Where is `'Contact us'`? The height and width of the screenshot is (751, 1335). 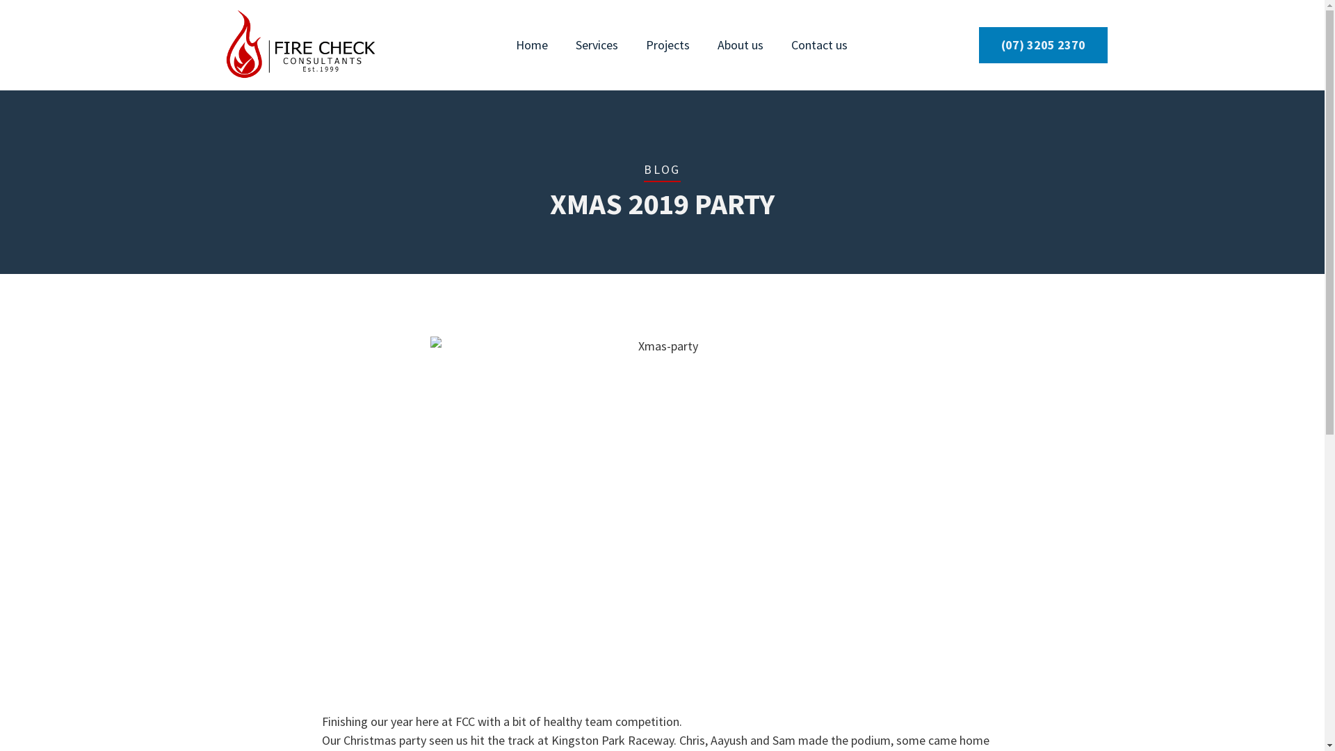 'Contact us' is located at coordinates (819, 45).